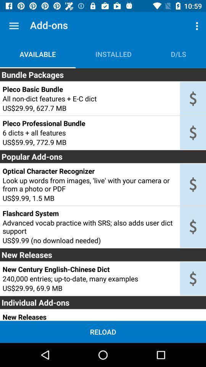 This screenshot has width=206, height=367. I want to click on item above the bundle packages item, so click(113, 54).